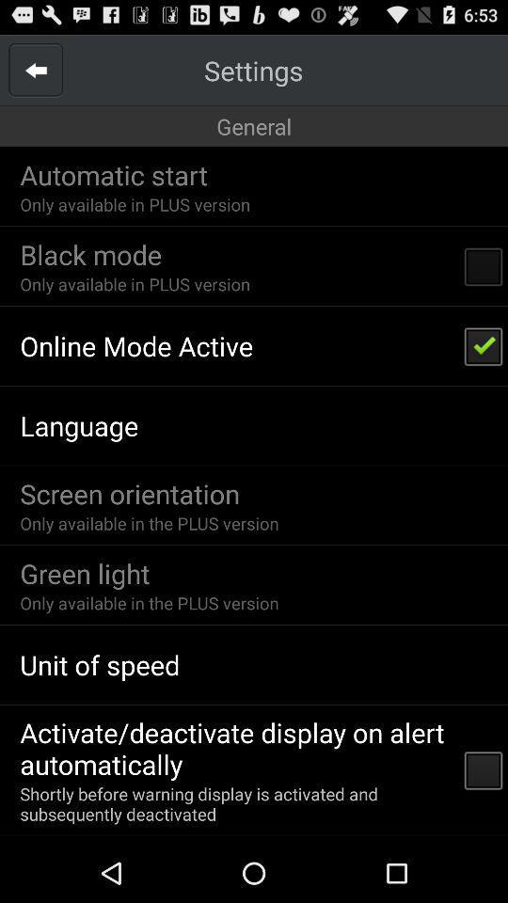 This screenshot has height=903, width=508. I want to click on the second check box, so click(484, 344).